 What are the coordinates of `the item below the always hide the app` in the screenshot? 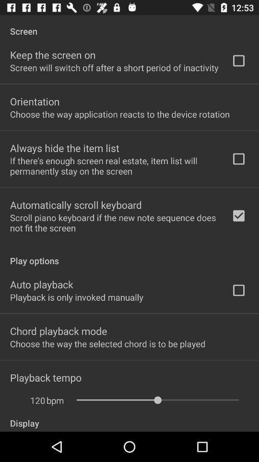 It's located at (114, 166).